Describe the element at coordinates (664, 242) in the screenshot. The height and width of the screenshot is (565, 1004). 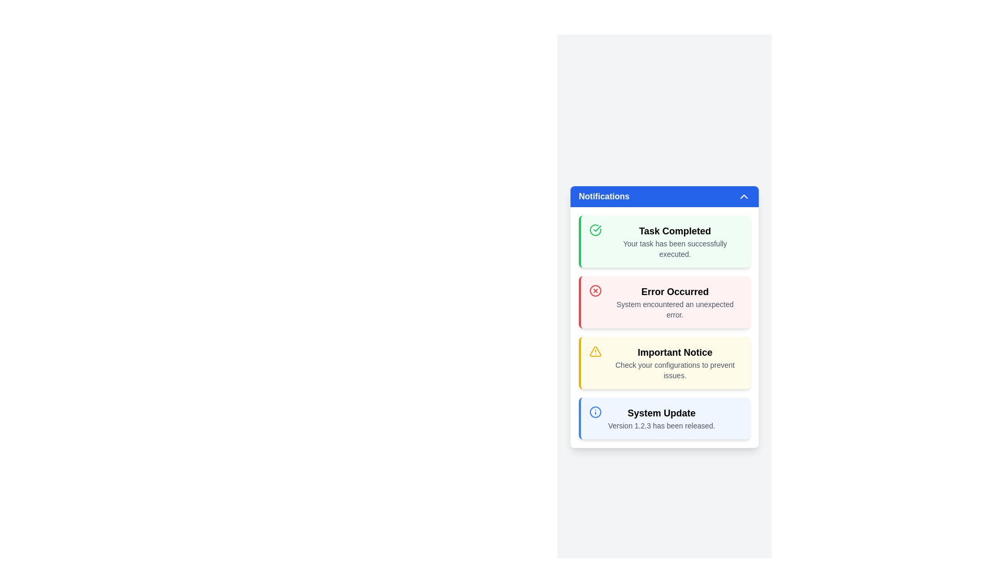
I see `message content of the notification banner that shows 'Task Completed' and 'Your task has been successfully executed.'` at that location.